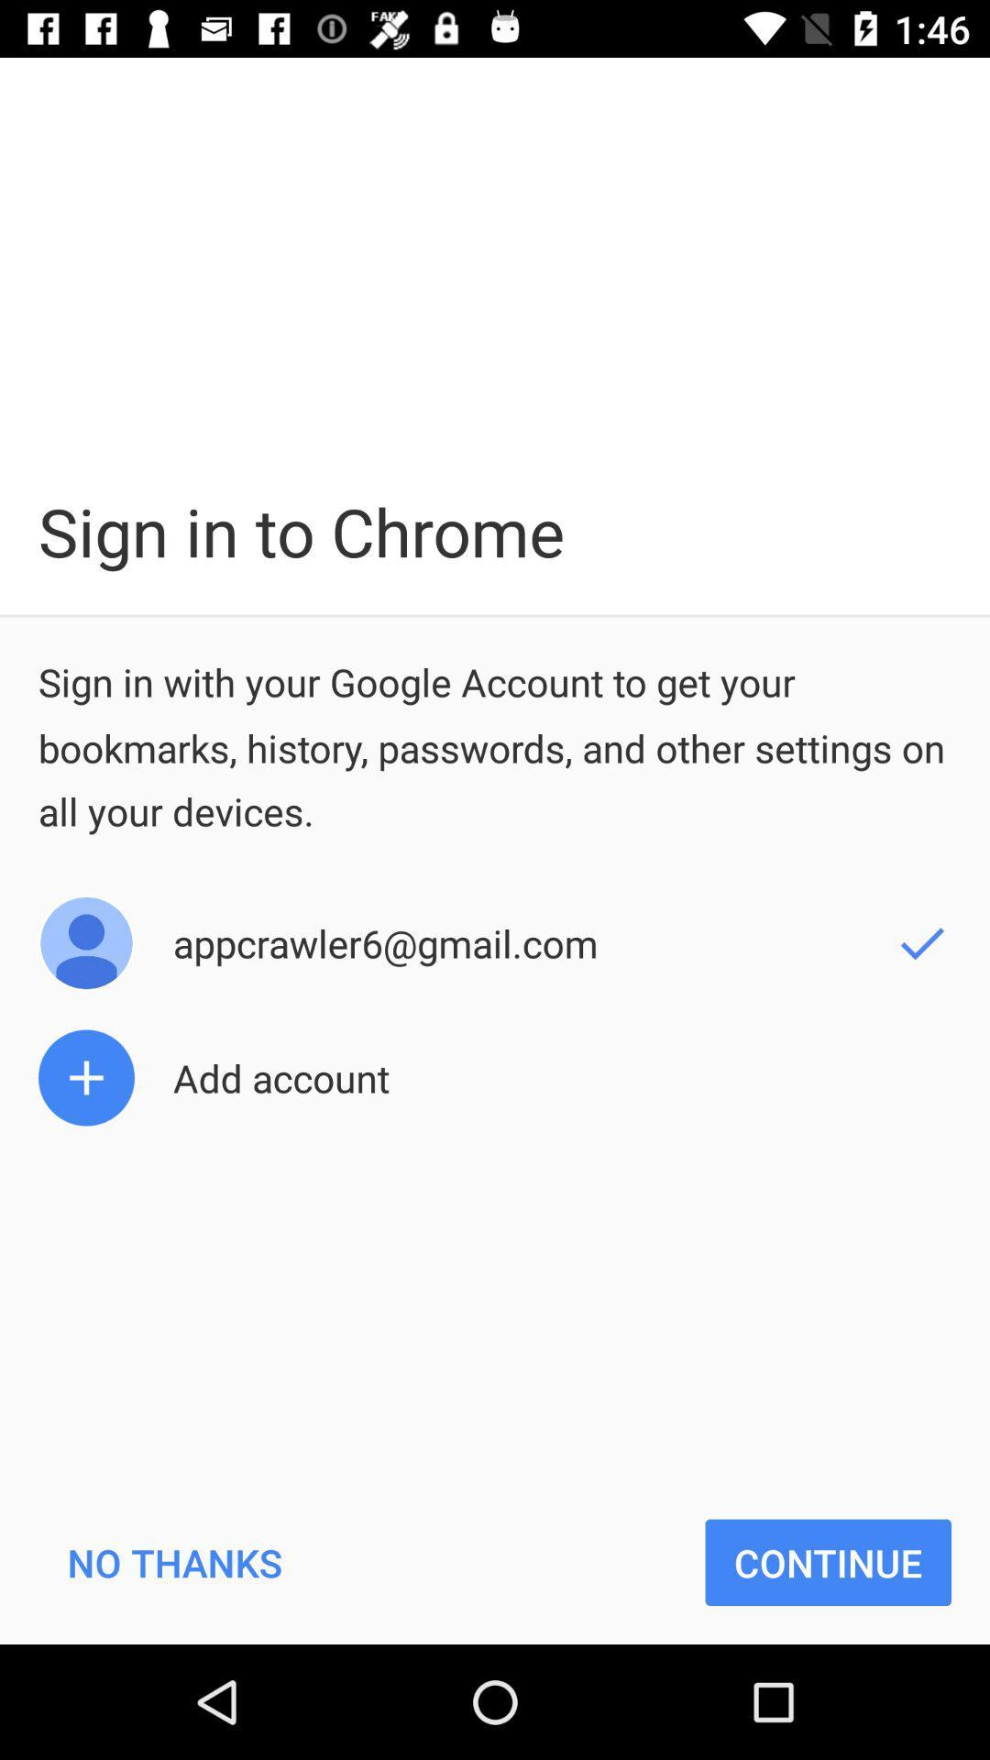 The image size is (990, 1760). I want to click on the item below the add account, so click(828, 1561).